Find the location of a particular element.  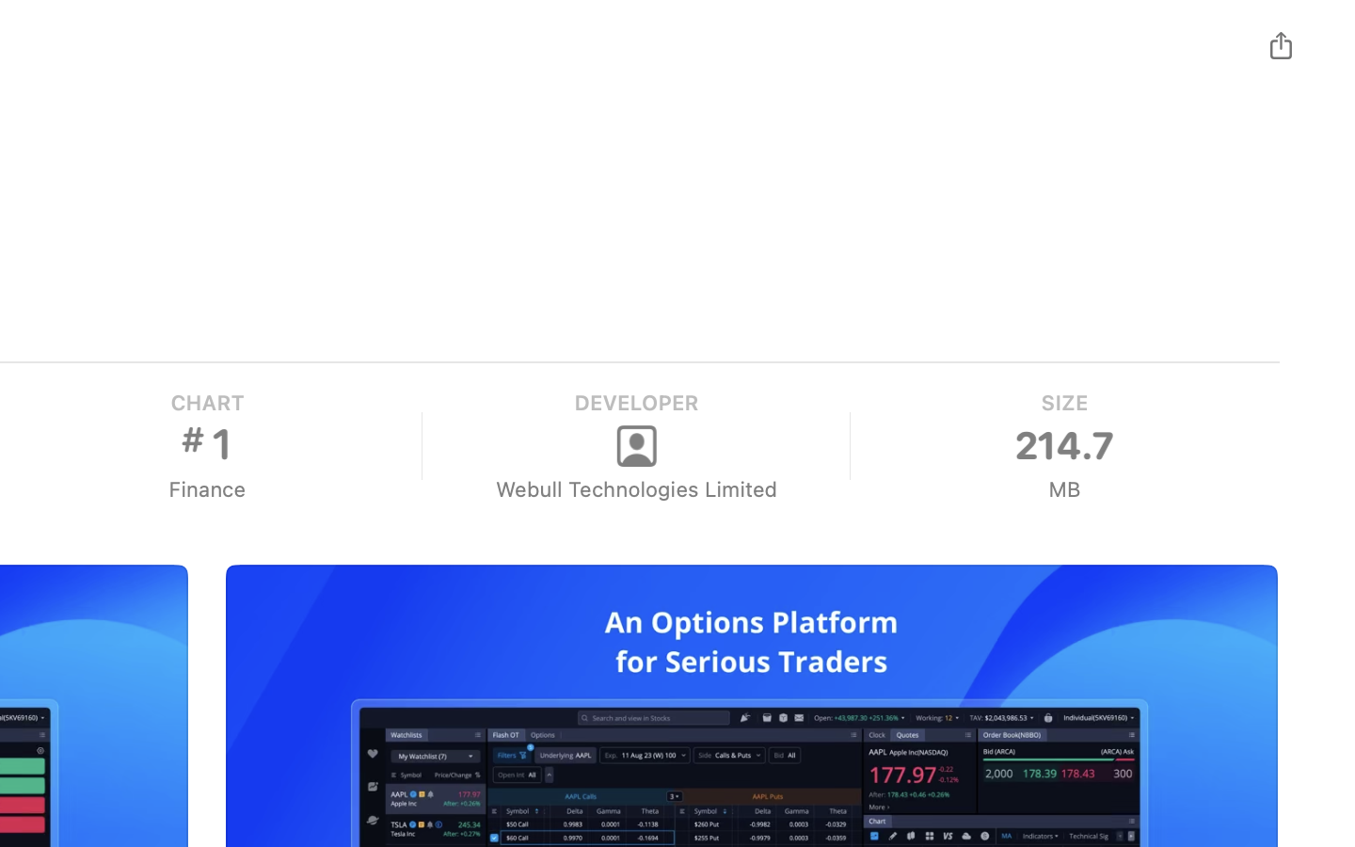

'Webull Technologies Limited, DEVELOPER, selfie' is located at coordinates (635, 445).